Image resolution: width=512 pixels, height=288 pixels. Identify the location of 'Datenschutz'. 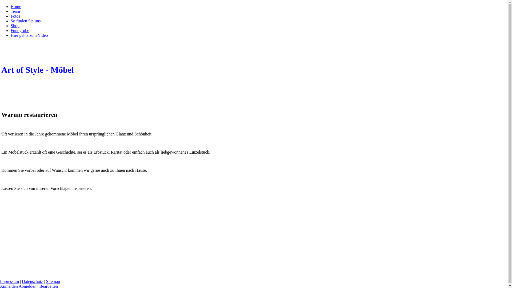
(32, 281).